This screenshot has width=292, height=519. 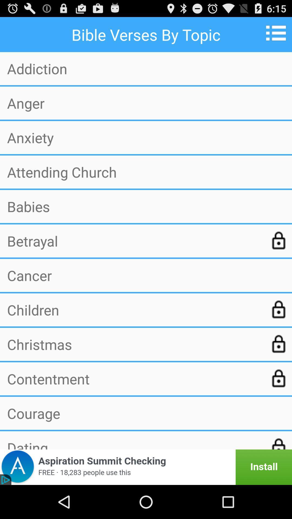 What do you see at coordinates (146, 68) in the screenshot?
I see `the addiction item` at bounding box center [146, 68].